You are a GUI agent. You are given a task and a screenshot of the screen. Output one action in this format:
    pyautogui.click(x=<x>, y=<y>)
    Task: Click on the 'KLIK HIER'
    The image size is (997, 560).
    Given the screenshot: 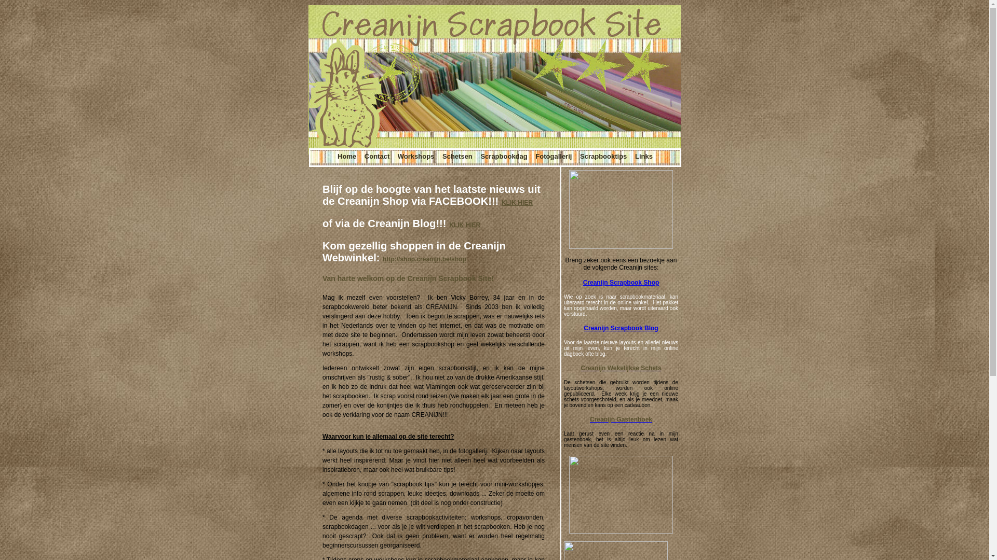 What is the action you would take?
    pyautogui.click(x=517, y=202)
    